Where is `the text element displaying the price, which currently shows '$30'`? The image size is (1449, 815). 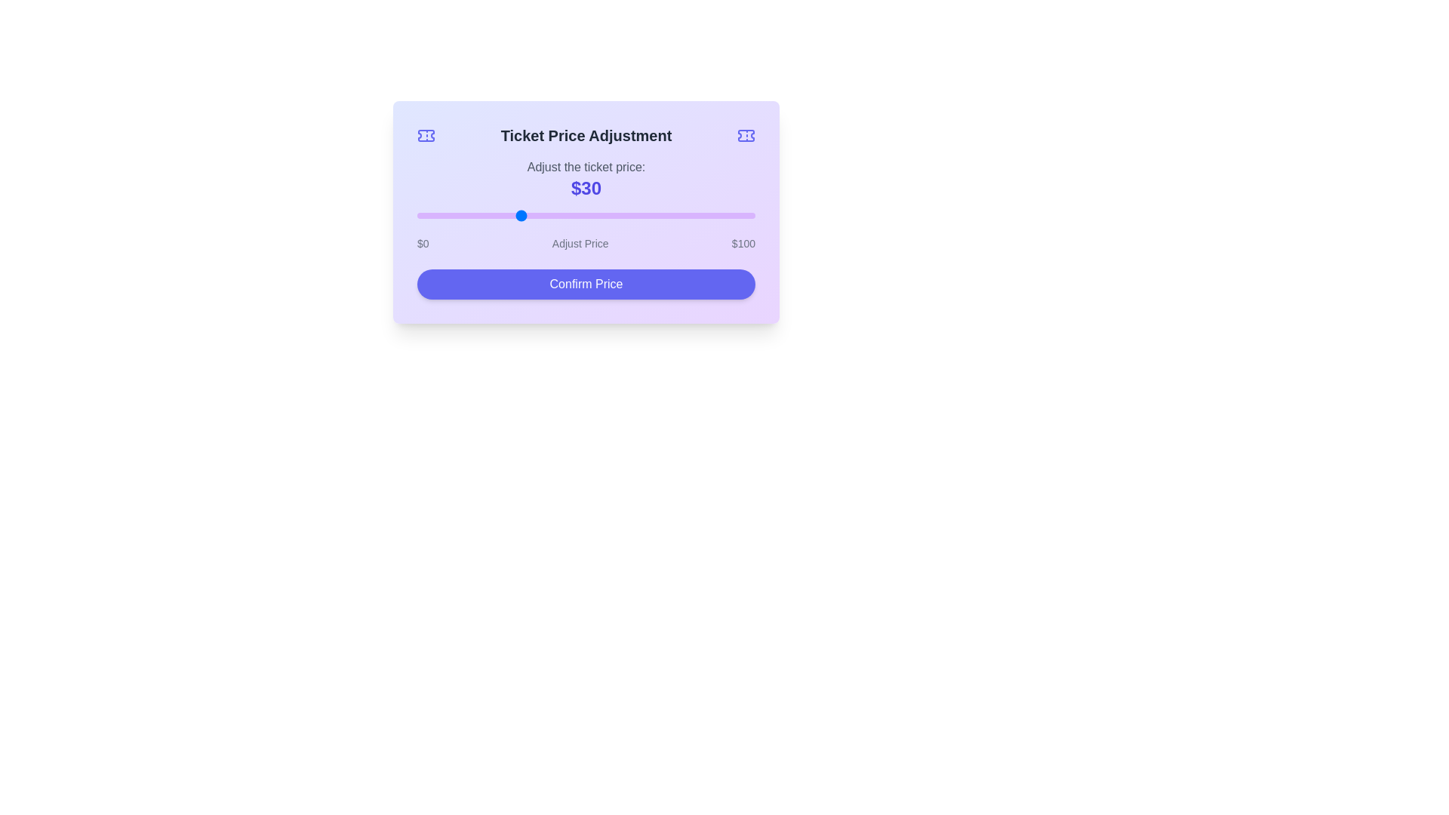 the text element displaying the price, which currently shows '$30' is located at coordinates (586, 187).